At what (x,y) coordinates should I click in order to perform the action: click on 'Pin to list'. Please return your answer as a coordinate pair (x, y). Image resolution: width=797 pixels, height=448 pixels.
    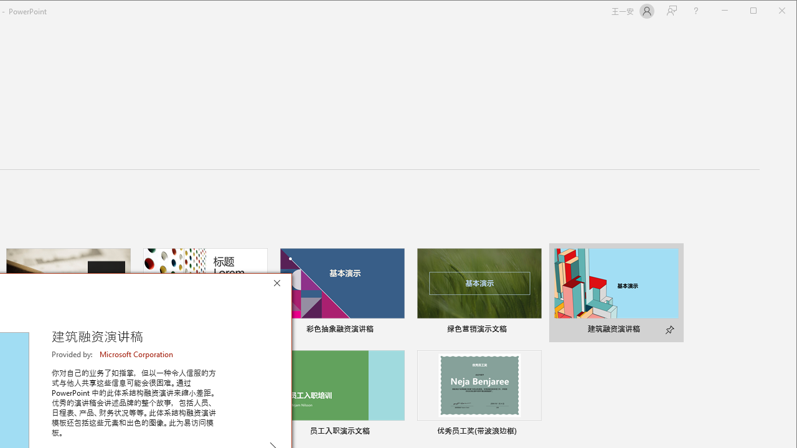
    Looking at the image, I should click on (533, 432).